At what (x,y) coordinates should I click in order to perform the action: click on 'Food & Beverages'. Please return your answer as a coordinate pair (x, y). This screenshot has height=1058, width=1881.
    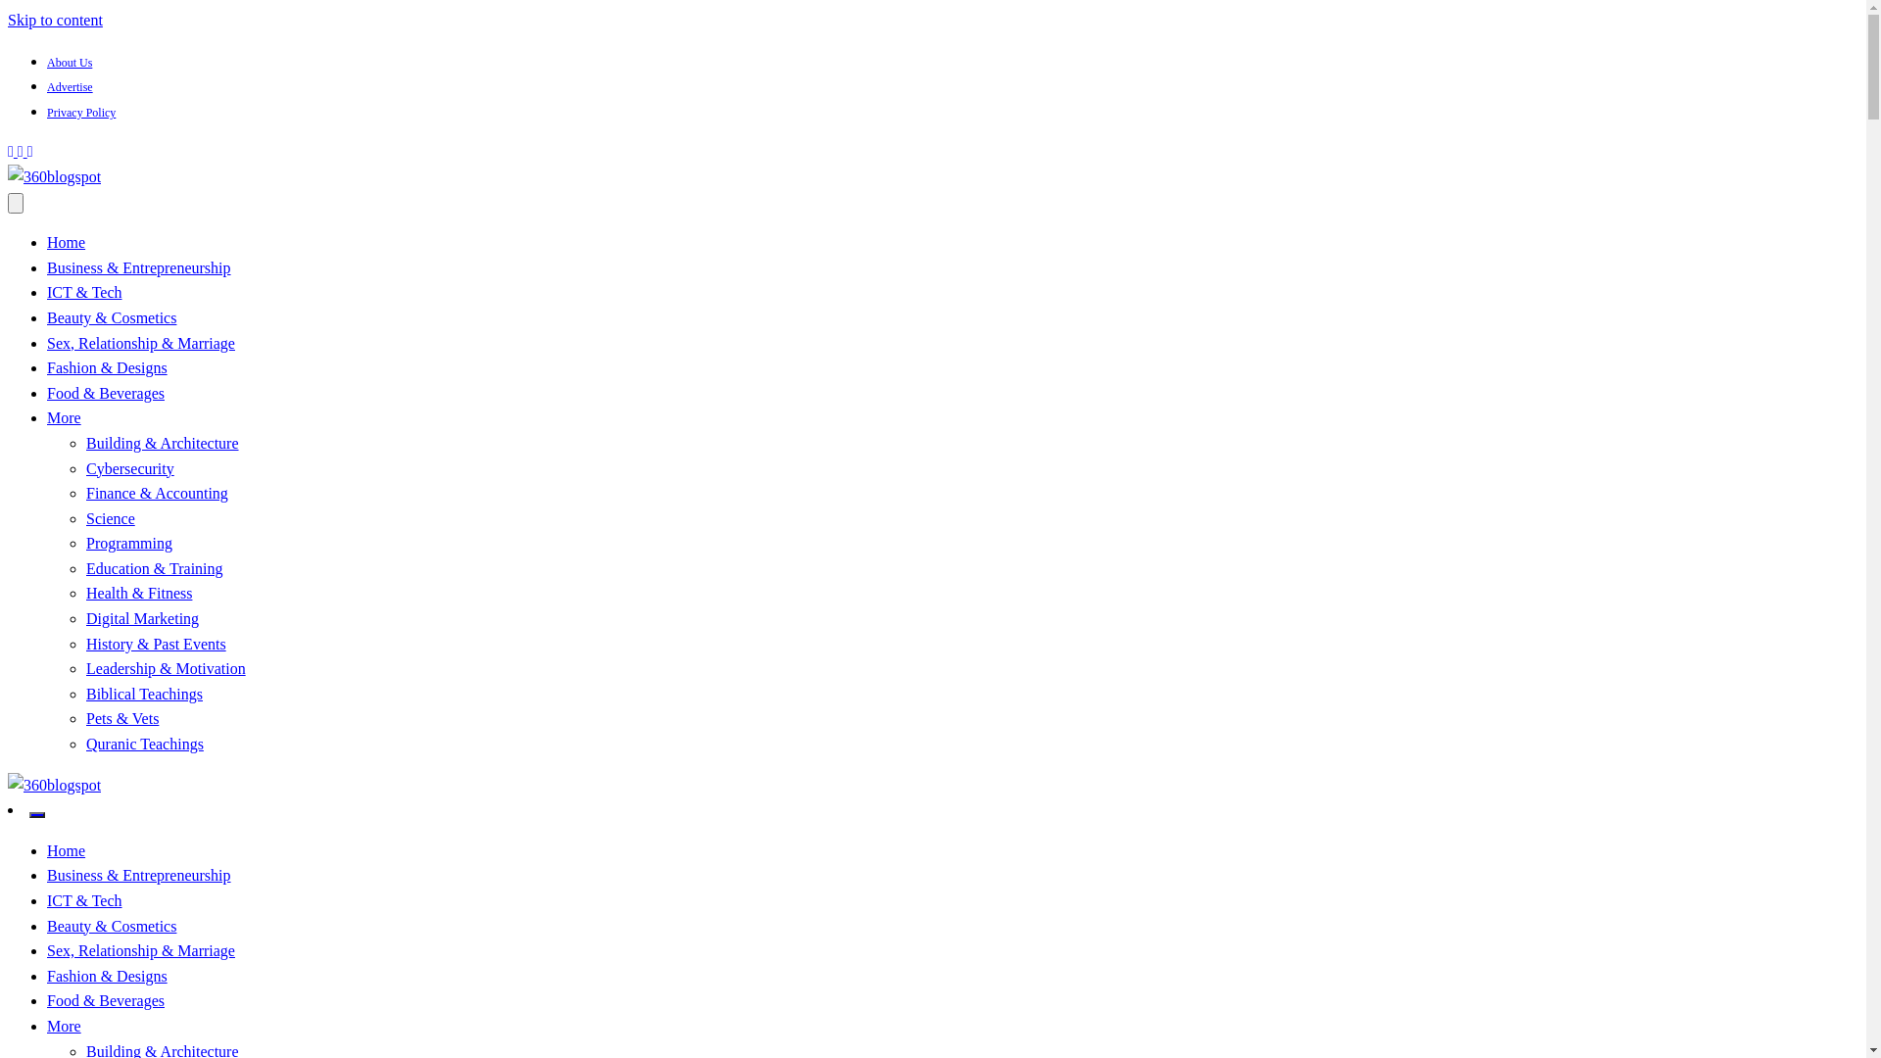
    Looking at the image, I should click on (104, 393).